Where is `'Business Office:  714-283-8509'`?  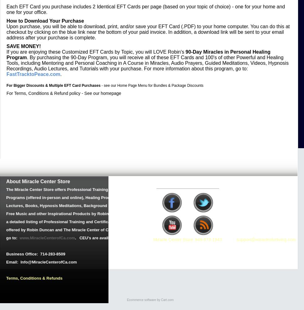 'Business Office:  714-283-8509' is located at coordinates (6, 254).